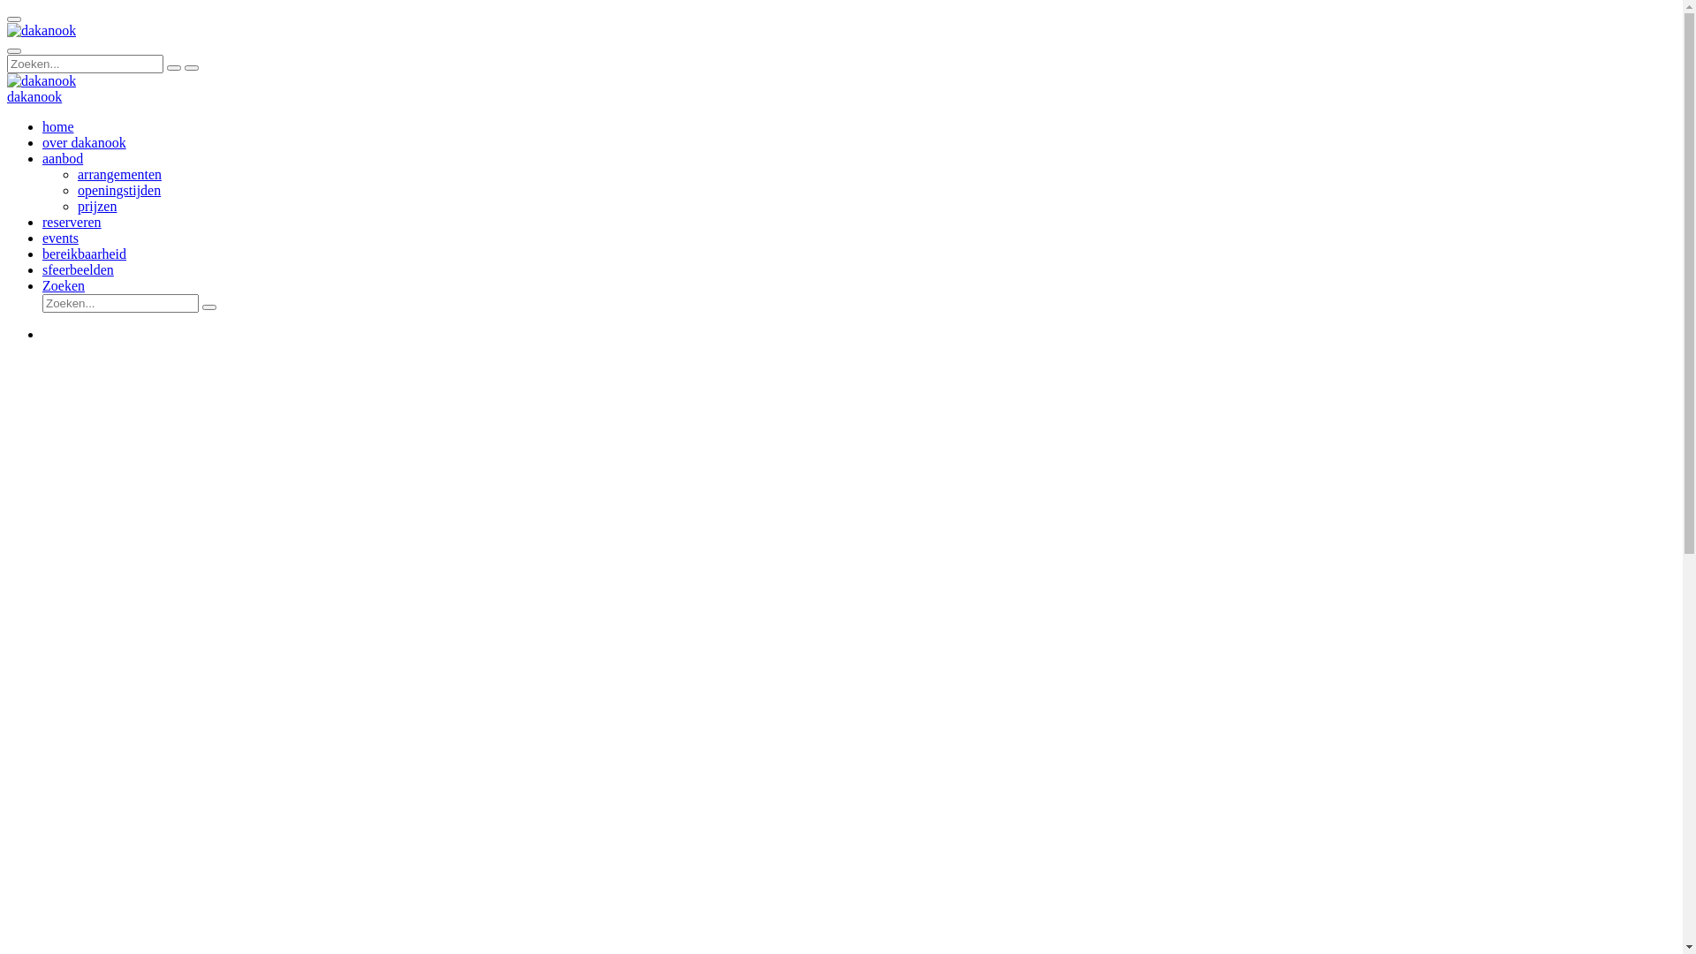 Image resolution: width=1696 pixels, height=954 pixels. I want to click on 'home', so click(42, 125).